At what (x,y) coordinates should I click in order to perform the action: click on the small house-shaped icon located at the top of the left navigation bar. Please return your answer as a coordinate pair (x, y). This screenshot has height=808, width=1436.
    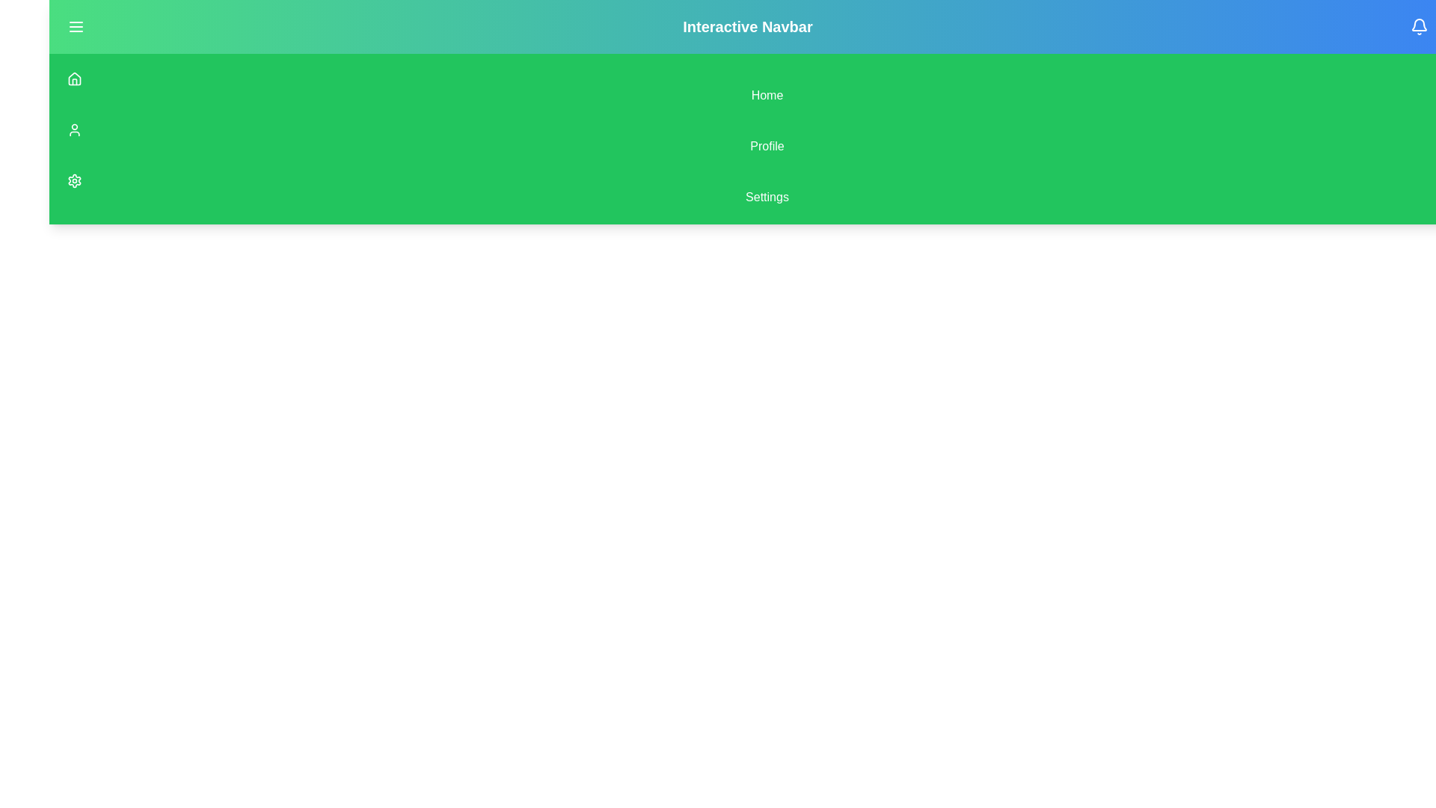
    Looking at the image, I should click on (74, 79).